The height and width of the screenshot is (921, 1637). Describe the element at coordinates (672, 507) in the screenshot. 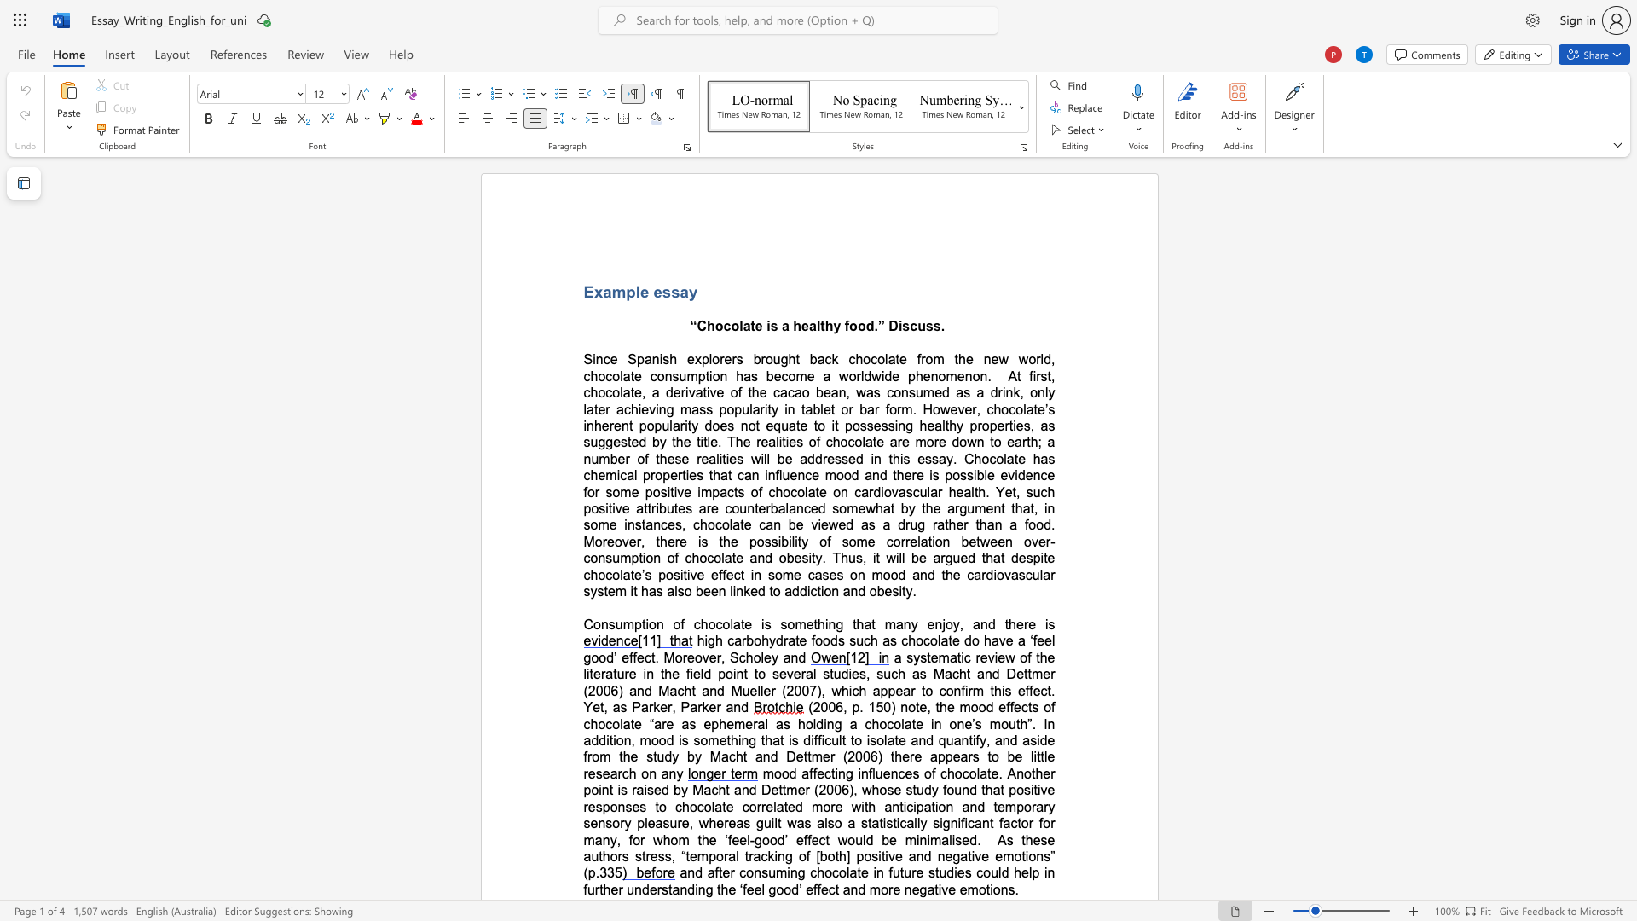

I see `the space between the continuous character "u" and "t" in the text` at that location.